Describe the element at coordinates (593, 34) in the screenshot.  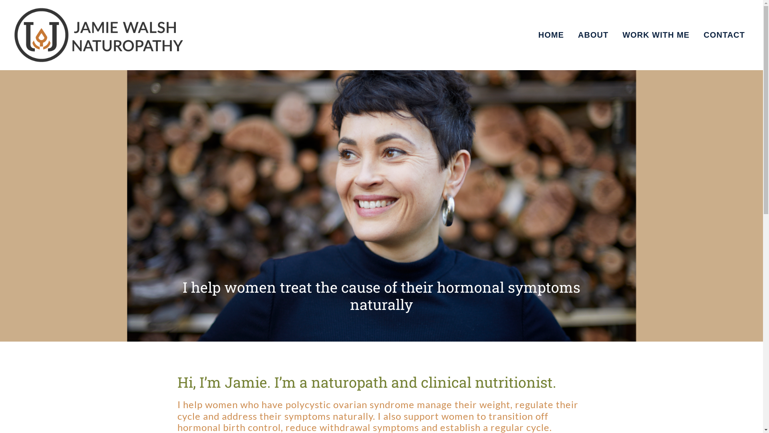
I see `'ABOUT'` at that location.